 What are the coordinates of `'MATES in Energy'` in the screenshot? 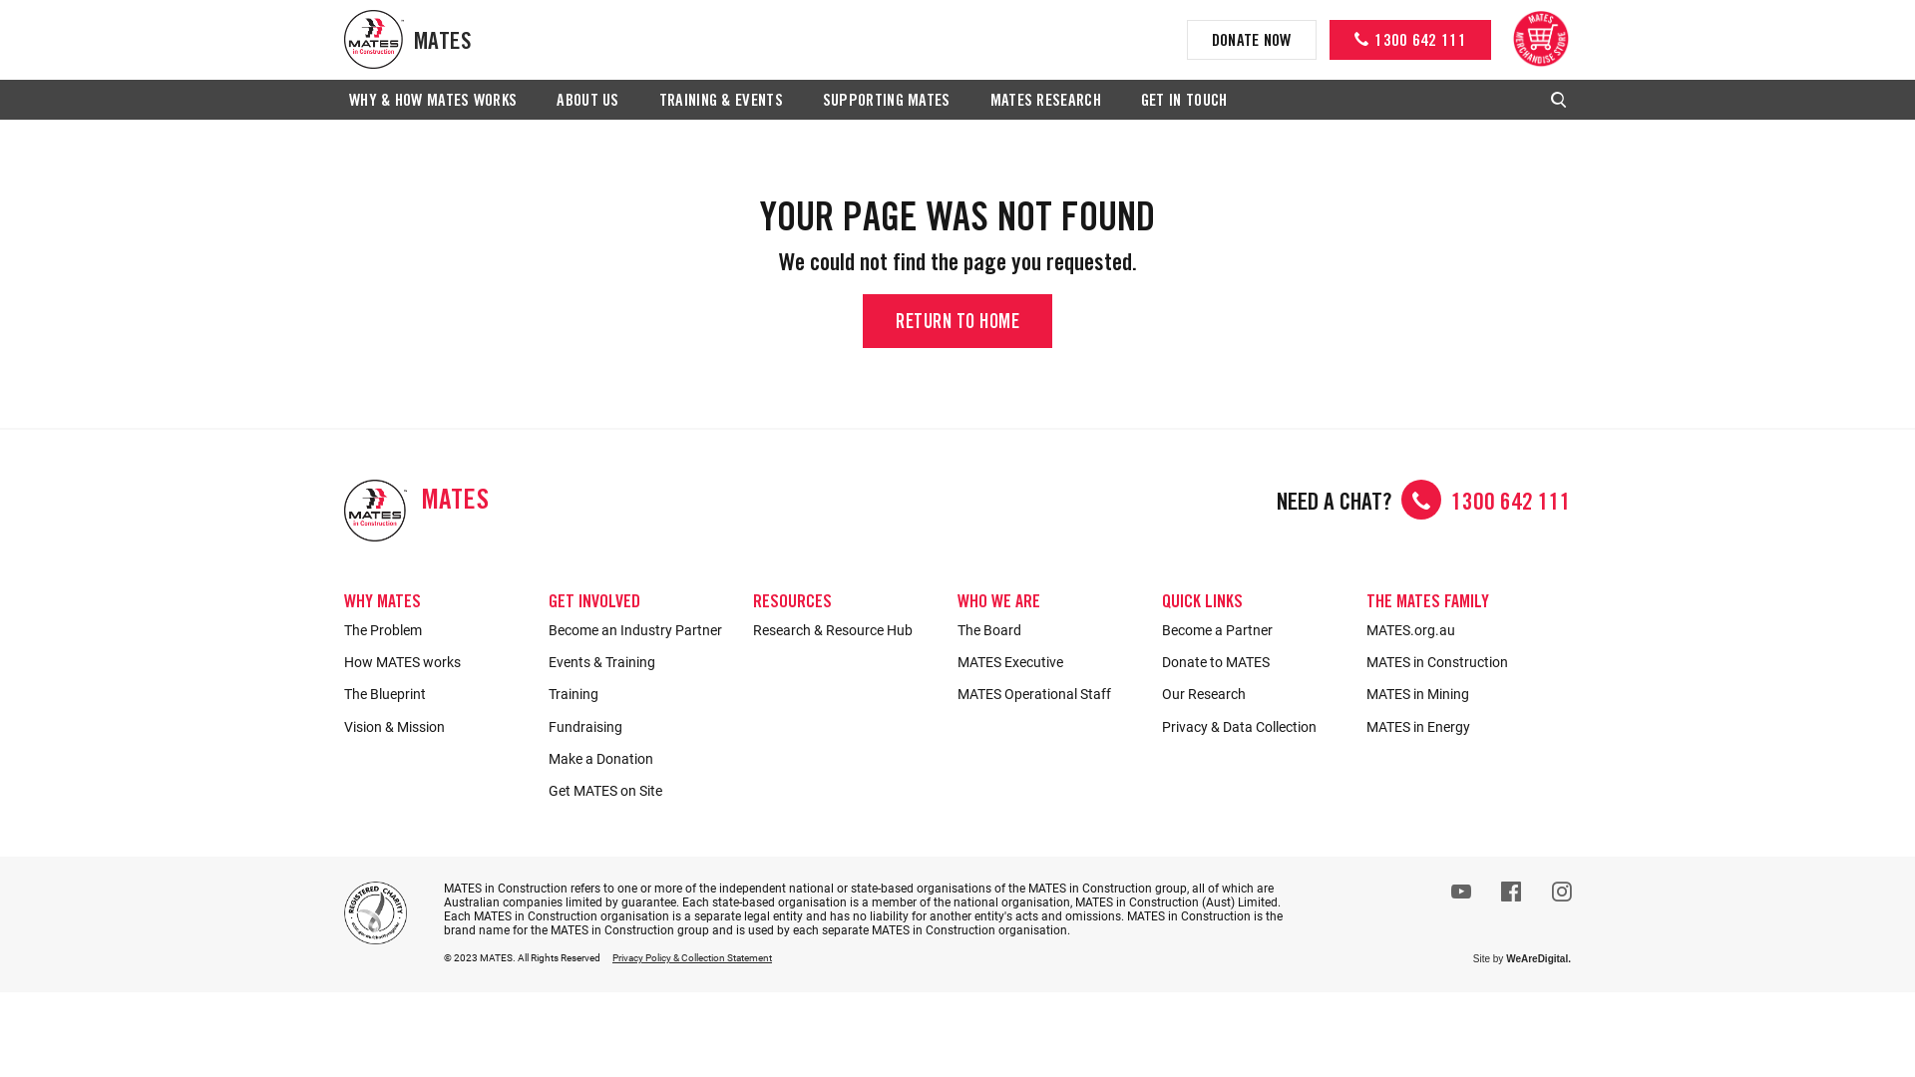 It's located at (1458, 727).